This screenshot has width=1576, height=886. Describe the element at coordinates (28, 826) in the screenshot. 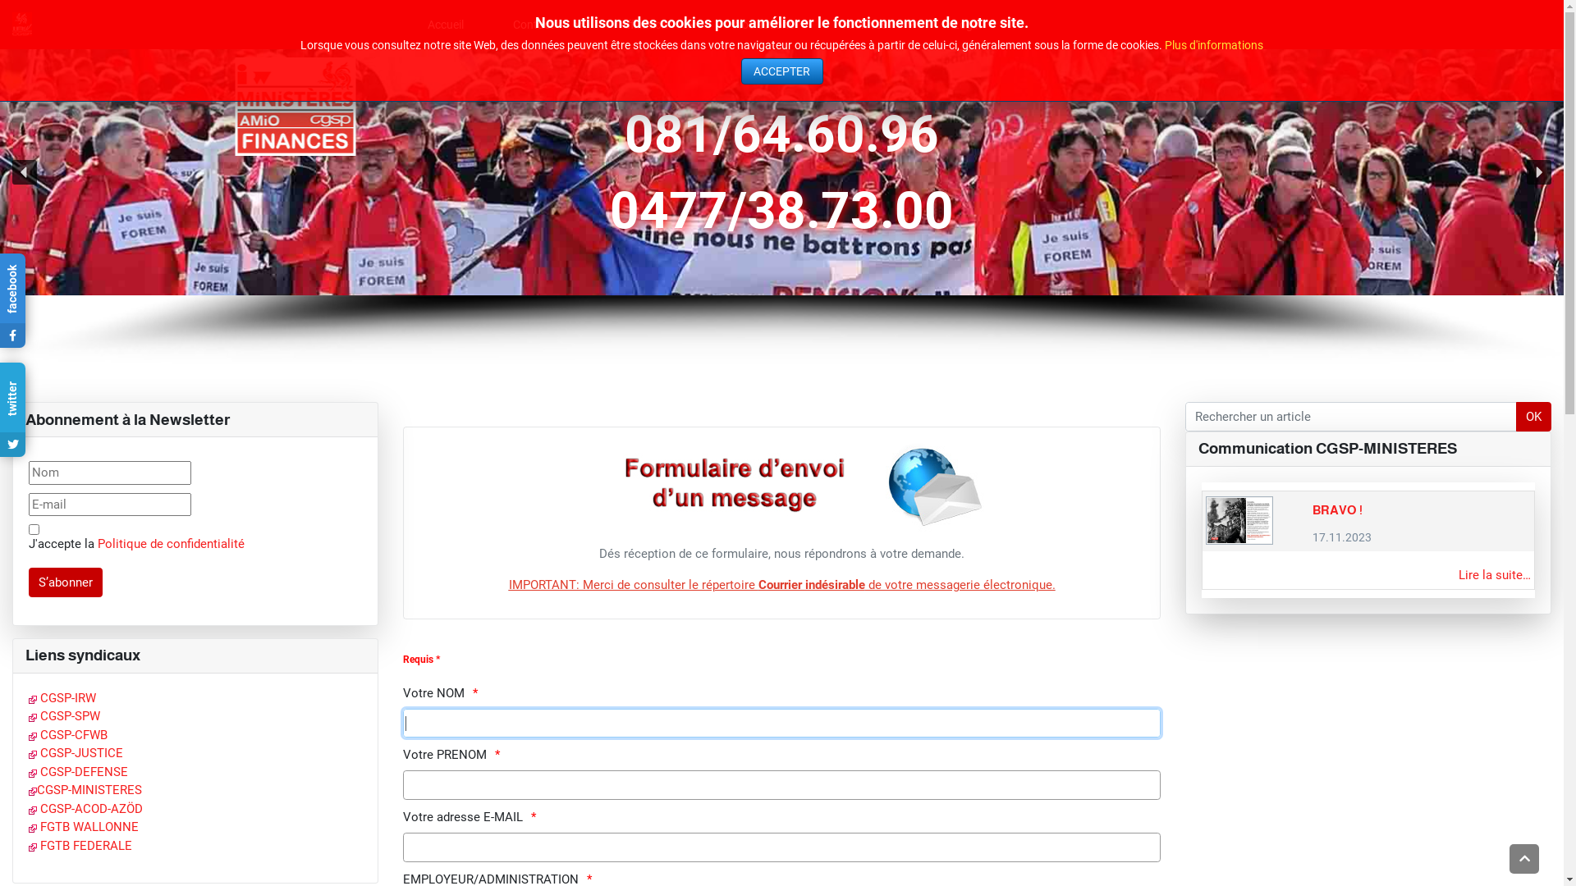

I see `' FGTB WALLONNE'` at that location.